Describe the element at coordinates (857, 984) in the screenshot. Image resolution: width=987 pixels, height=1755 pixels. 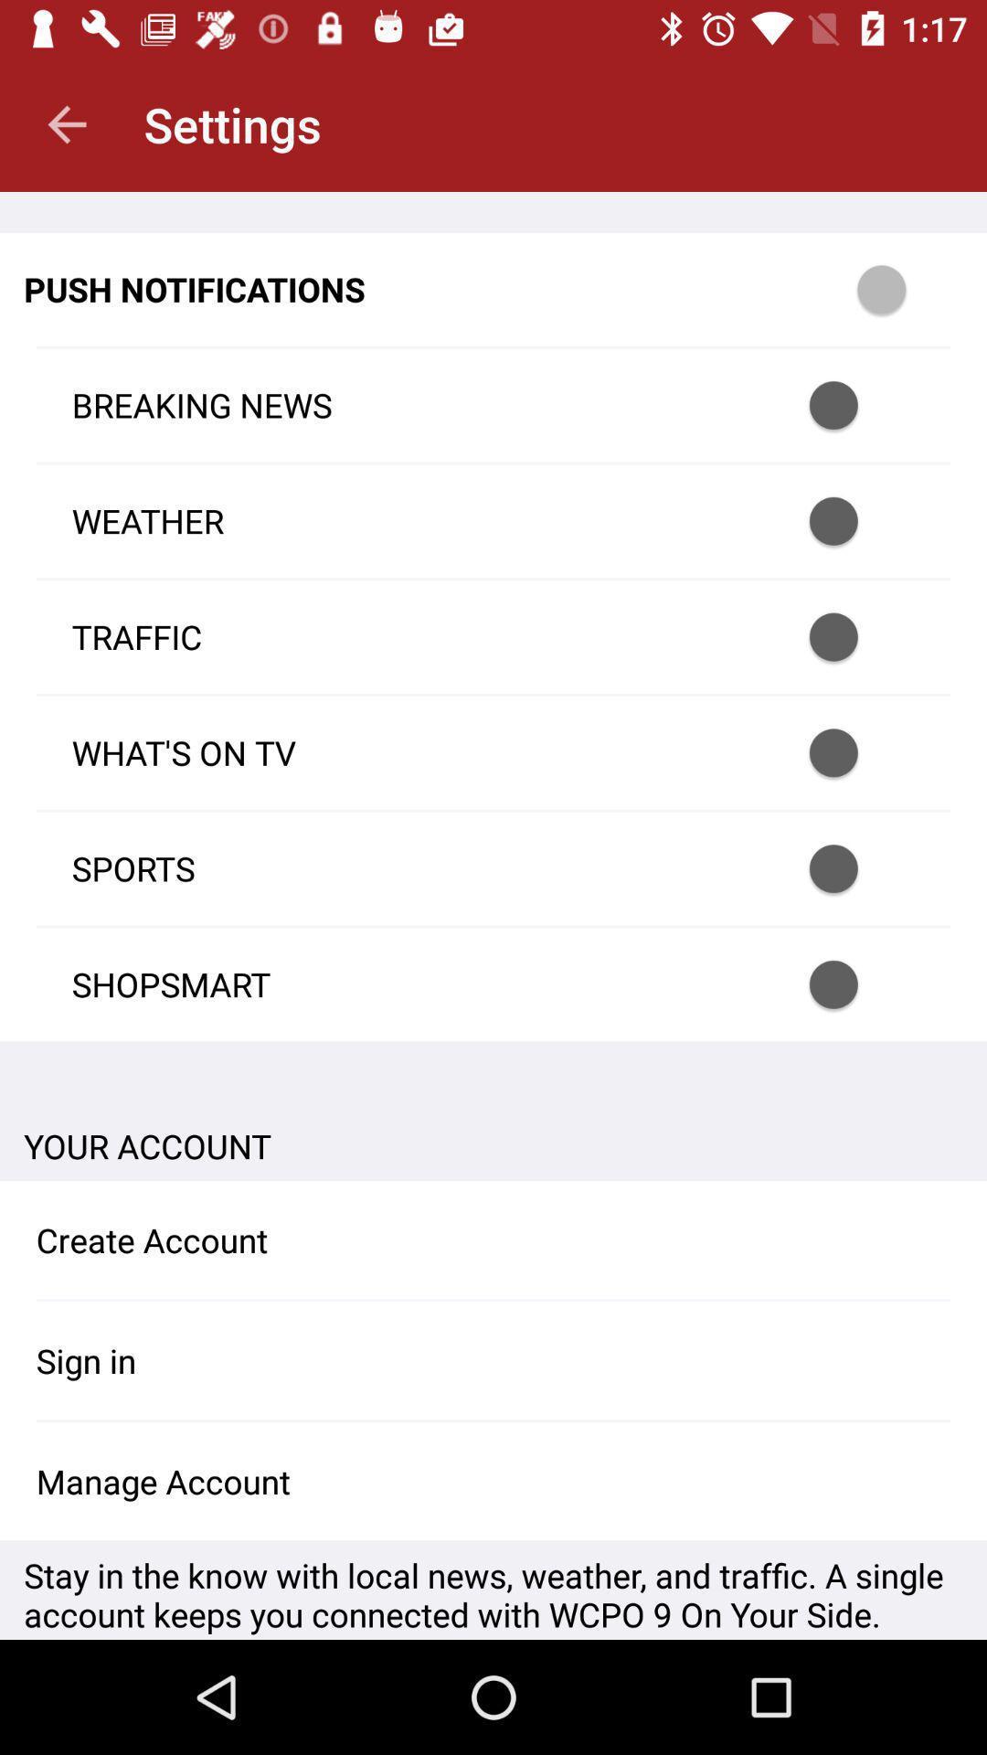
I see `turn on push notification` at that location.